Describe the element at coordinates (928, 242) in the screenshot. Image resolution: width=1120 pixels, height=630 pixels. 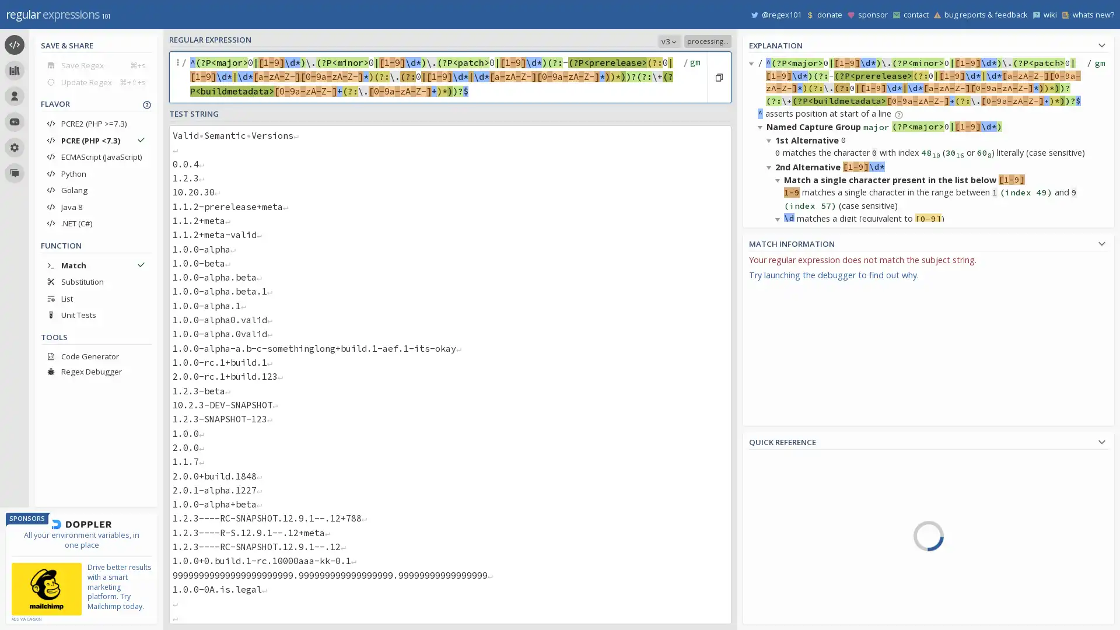
I see `MATCH INFORMATION` at that location.